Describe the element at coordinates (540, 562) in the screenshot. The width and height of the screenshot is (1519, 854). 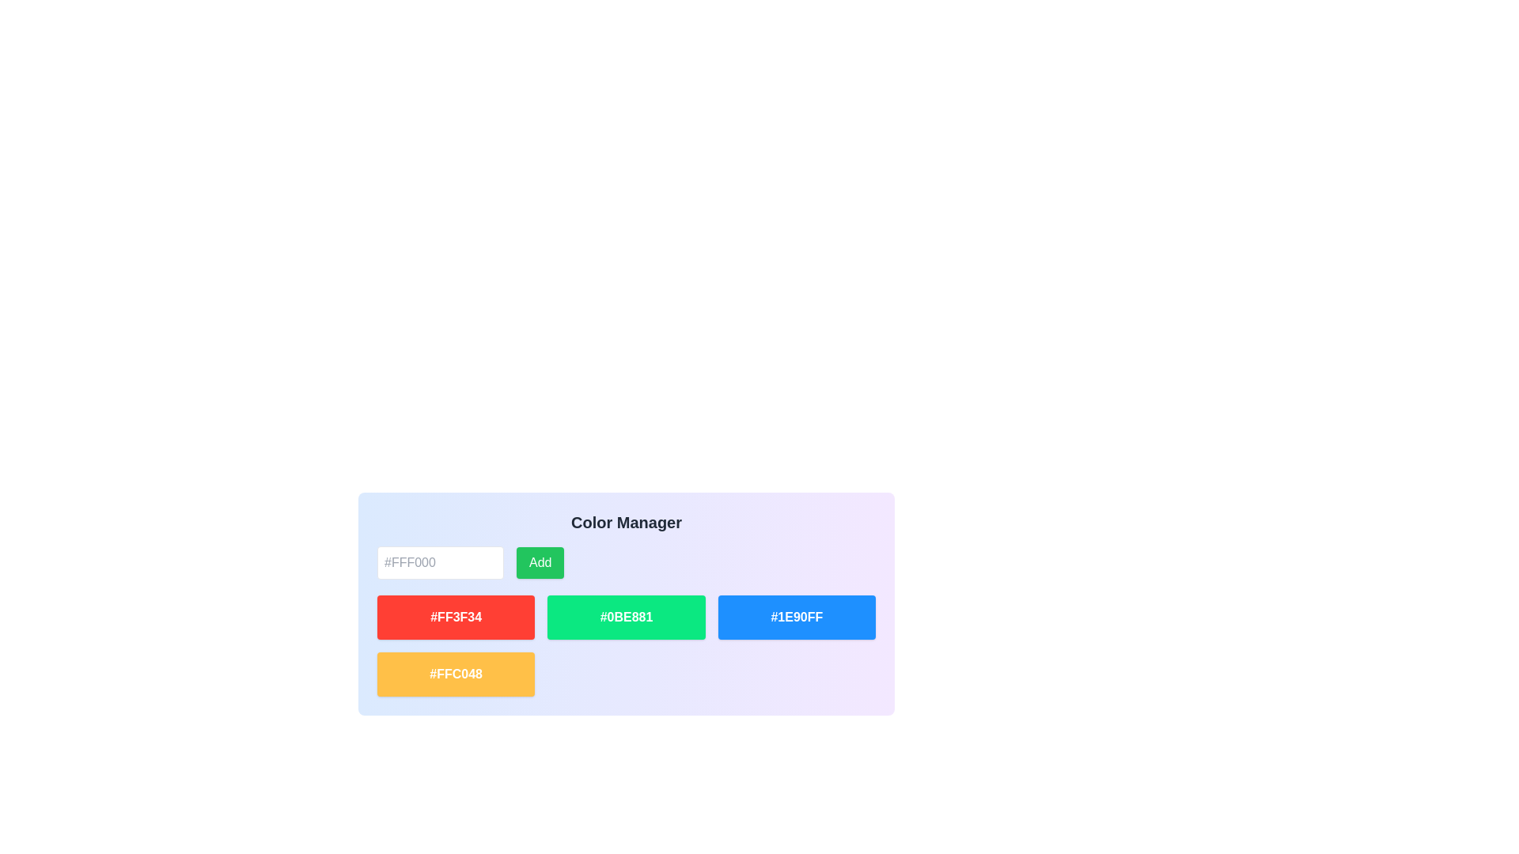
I see `the rectangular green button labeled 'Add'` at that location.